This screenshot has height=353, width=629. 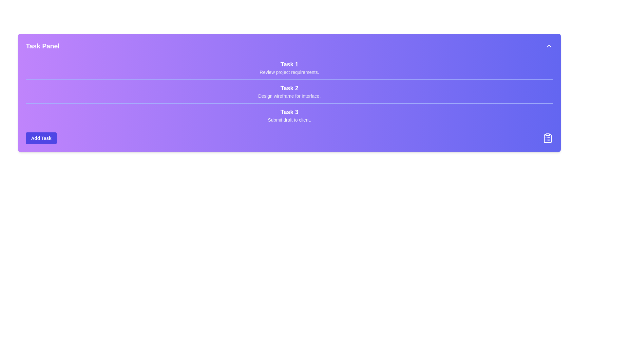 I want to click on the Text Label that displays the description for 'Task 3', located within the third task block of the task panel, so click(x=289, y=120).